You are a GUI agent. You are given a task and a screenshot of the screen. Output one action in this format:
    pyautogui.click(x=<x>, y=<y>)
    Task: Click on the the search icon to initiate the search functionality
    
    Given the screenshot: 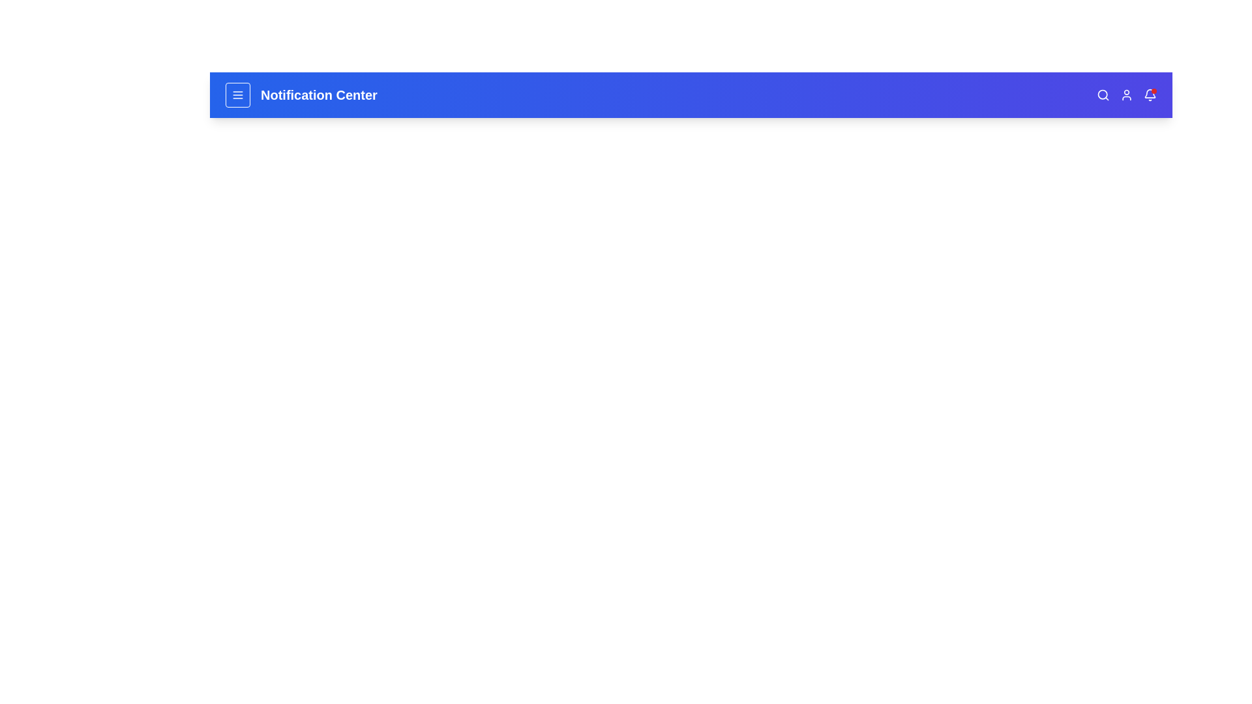 What is the action you would take?
    pyautogui.click(x=1102, y=95)
    